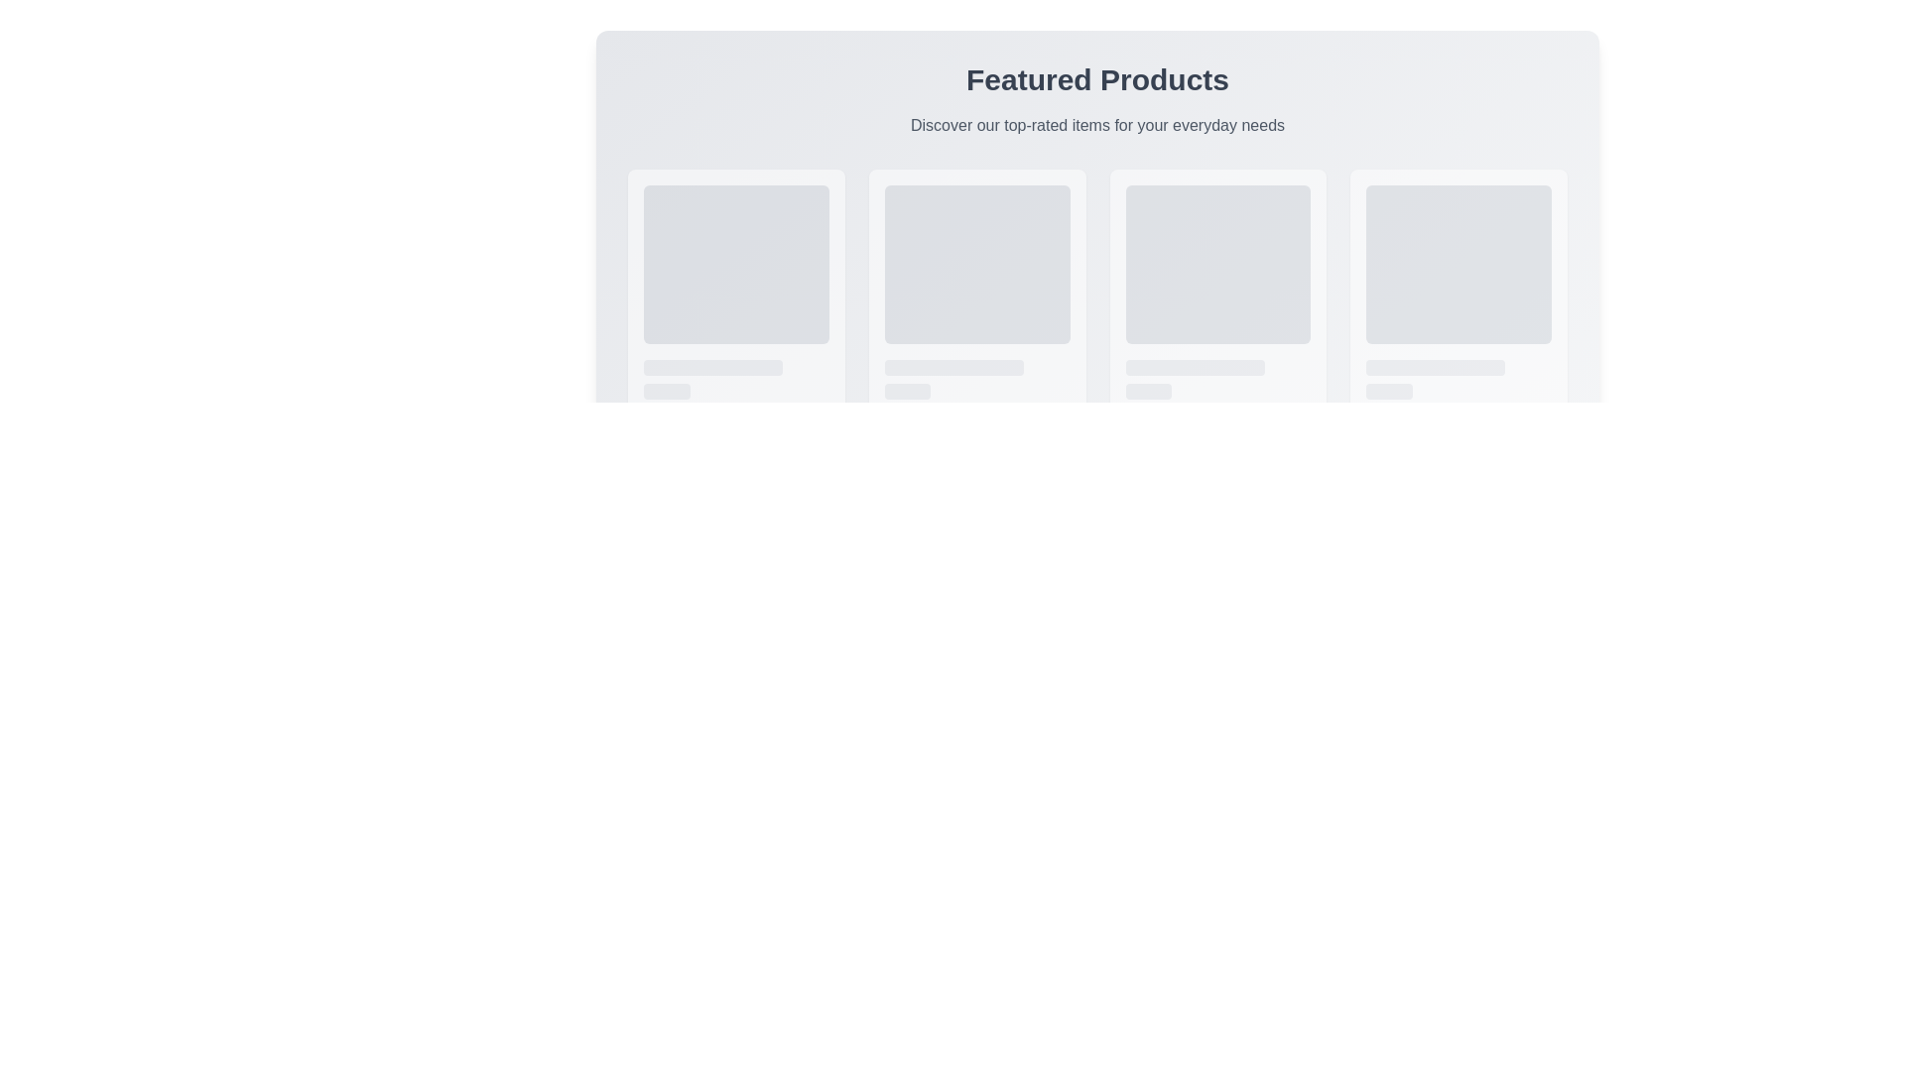 This screenshot has height=1071, width=1905. Describe the element at coordinates (1096, 126) in the screenshot. I see `the static text element located directly beneath the 'Featured Products' heading to enhance user experience` at that location.